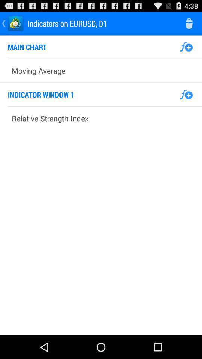 The width and height of the screenshot is (202, 359). Describe the element at coordinates (186, 46) in the screenshot. I see `increase f-stop` at that location.